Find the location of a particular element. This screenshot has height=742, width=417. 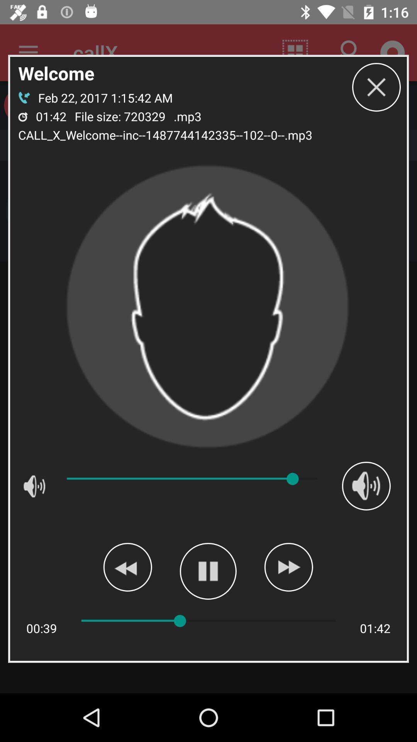

go forward button is located at coordinates (288, 567).